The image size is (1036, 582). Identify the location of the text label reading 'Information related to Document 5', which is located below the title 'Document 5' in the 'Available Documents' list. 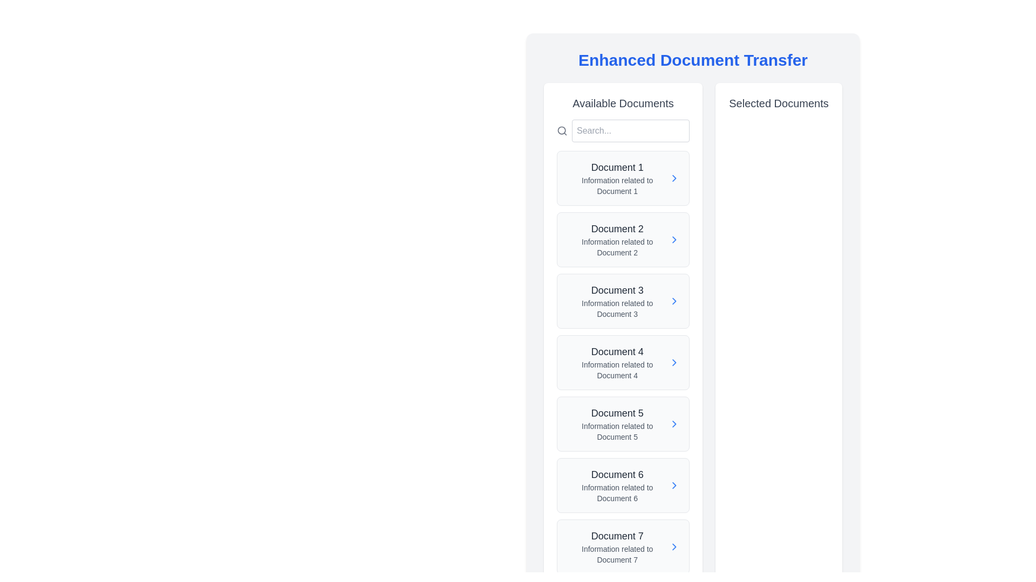
(617, 431).